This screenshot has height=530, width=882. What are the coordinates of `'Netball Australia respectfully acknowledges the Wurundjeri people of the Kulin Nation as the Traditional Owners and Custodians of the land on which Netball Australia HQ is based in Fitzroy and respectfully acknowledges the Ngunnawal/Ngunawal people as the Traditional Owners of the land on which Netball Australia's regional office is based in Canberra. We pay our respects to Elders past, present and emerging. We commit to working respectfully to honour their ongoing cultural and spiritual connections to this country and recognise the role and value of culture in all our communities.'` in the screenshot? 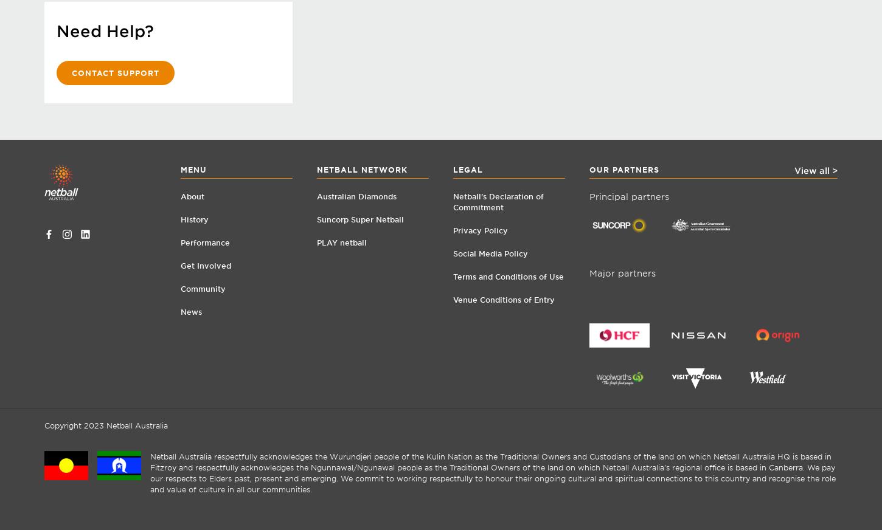 It's located at (150, 472).